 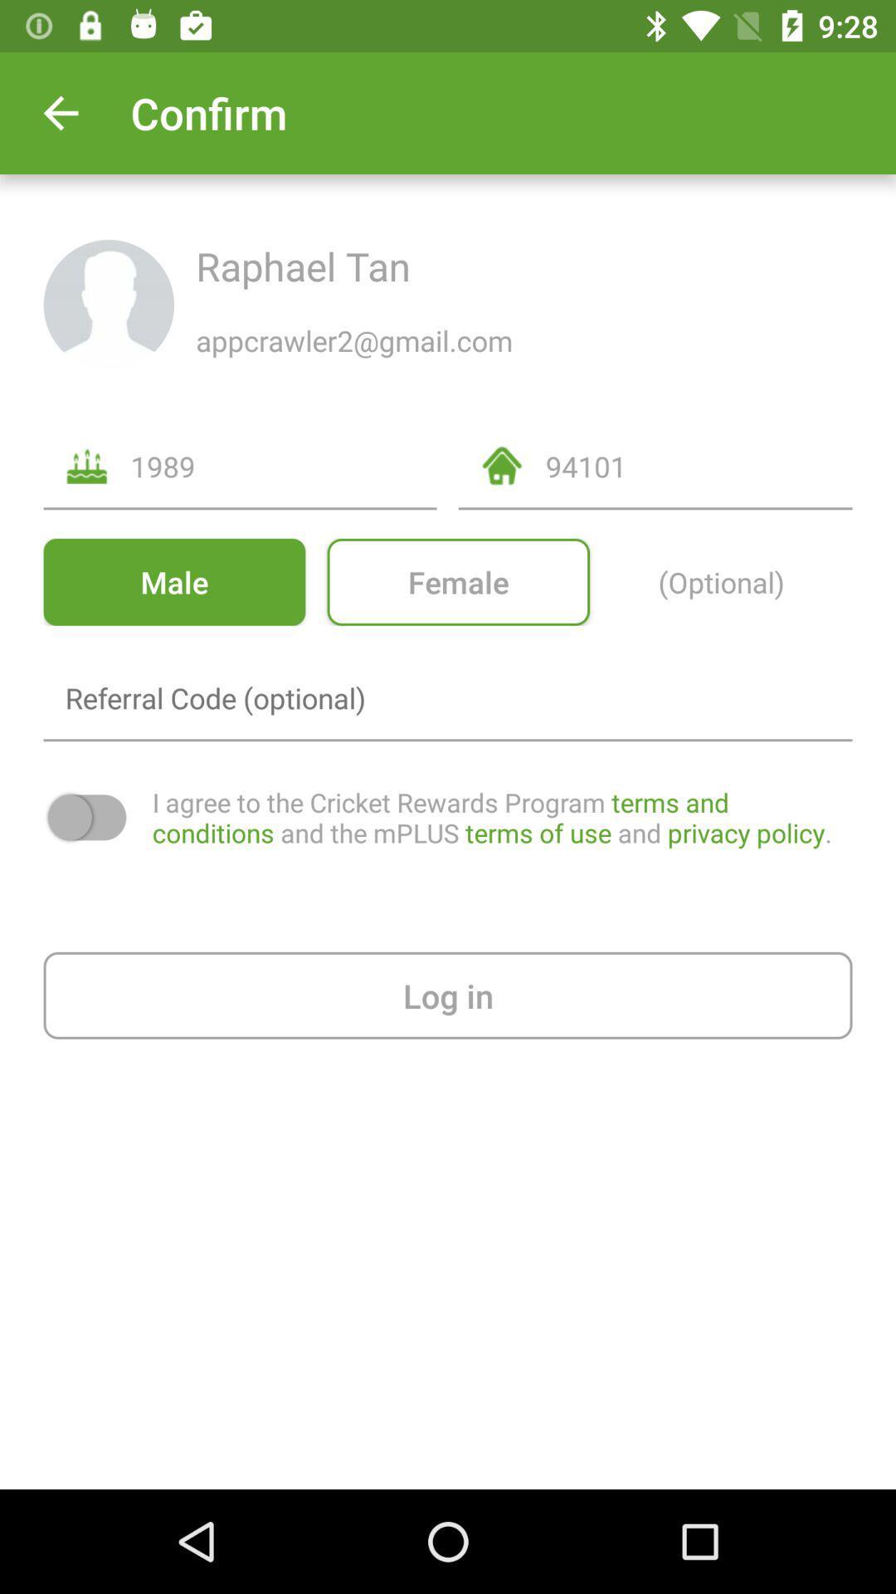 What do you see at coordinates (501, 465) in the screenshot?
I see `the home icon on left side numeric 94101` at bounding box center [501, 465].